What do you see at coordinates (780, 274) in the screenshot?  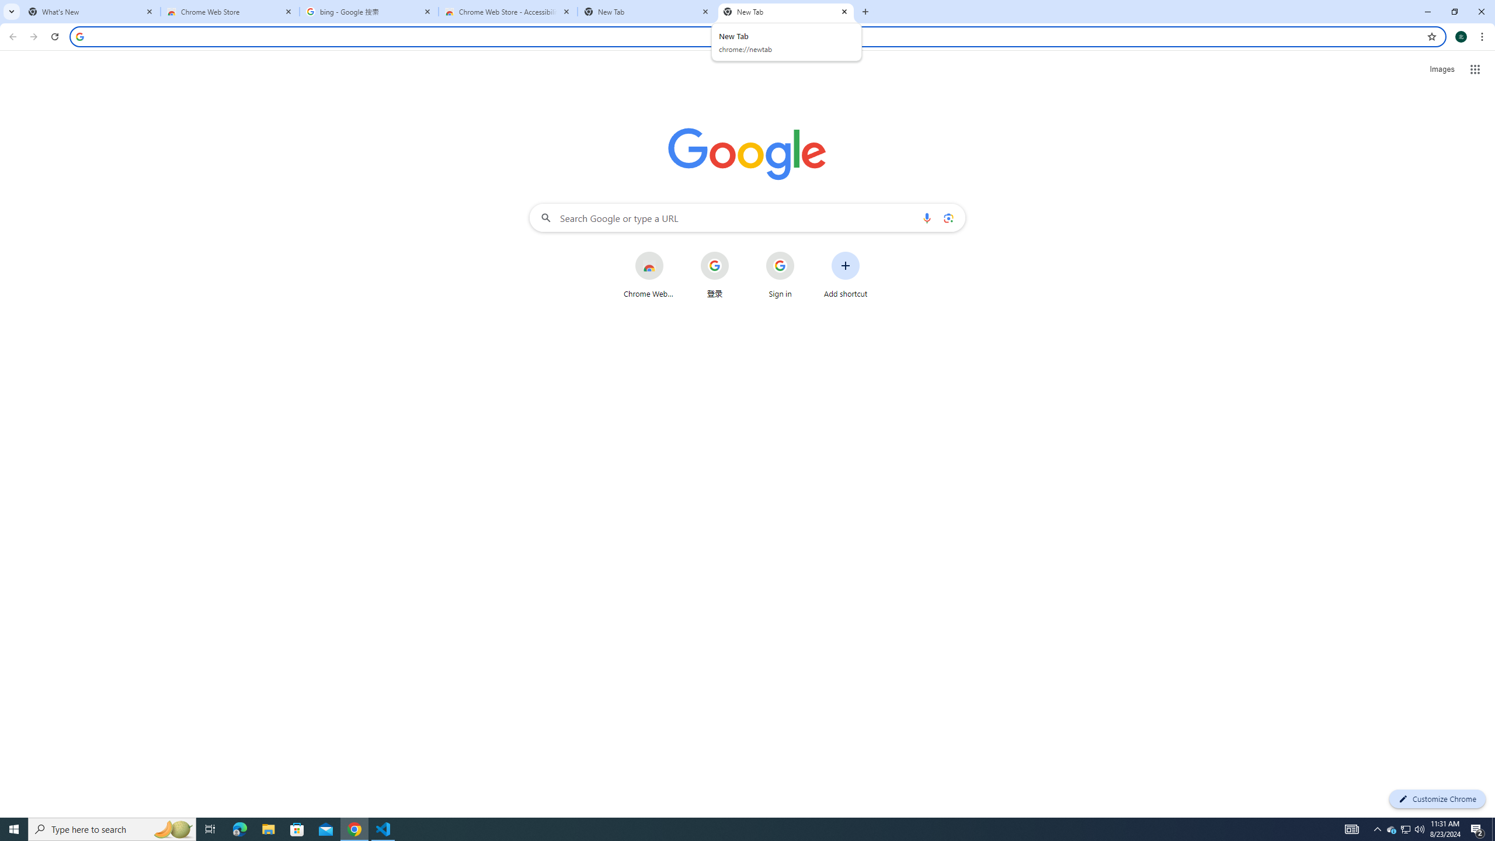 I see `'Sign in'` at bounding box center [780, 274].